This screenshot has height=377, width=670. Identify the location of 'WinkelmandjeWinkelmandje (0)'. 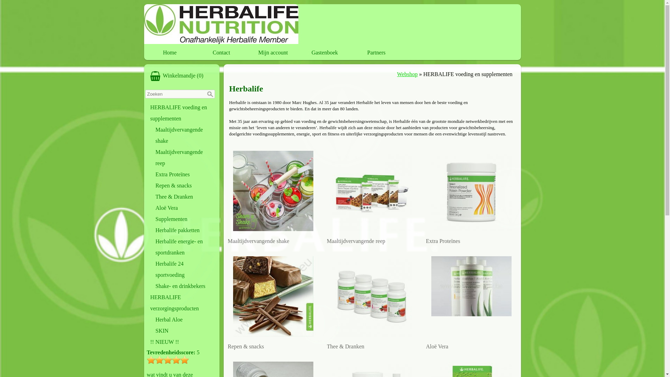
(182, 76).